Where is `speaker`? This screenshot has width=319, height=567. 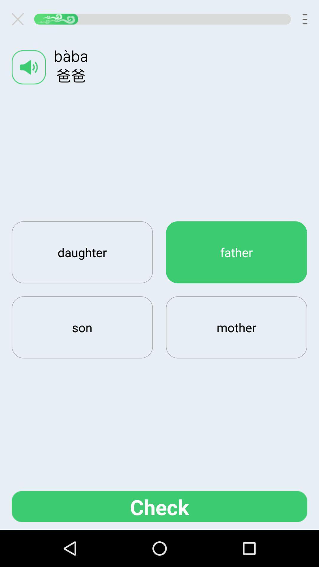
speaker is located at coordinates (29, 67).